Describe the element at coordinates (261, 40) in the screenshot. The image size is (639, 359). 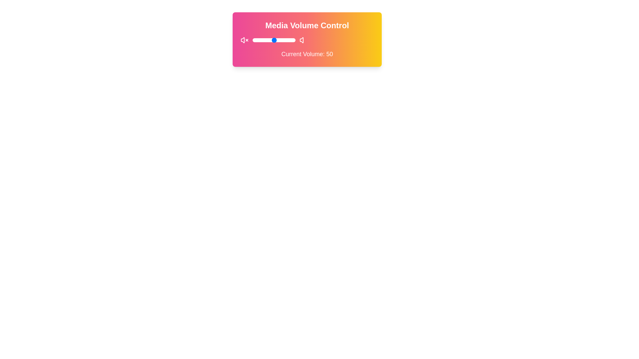
I see `the volume to 21 by sliding the control` at that location.